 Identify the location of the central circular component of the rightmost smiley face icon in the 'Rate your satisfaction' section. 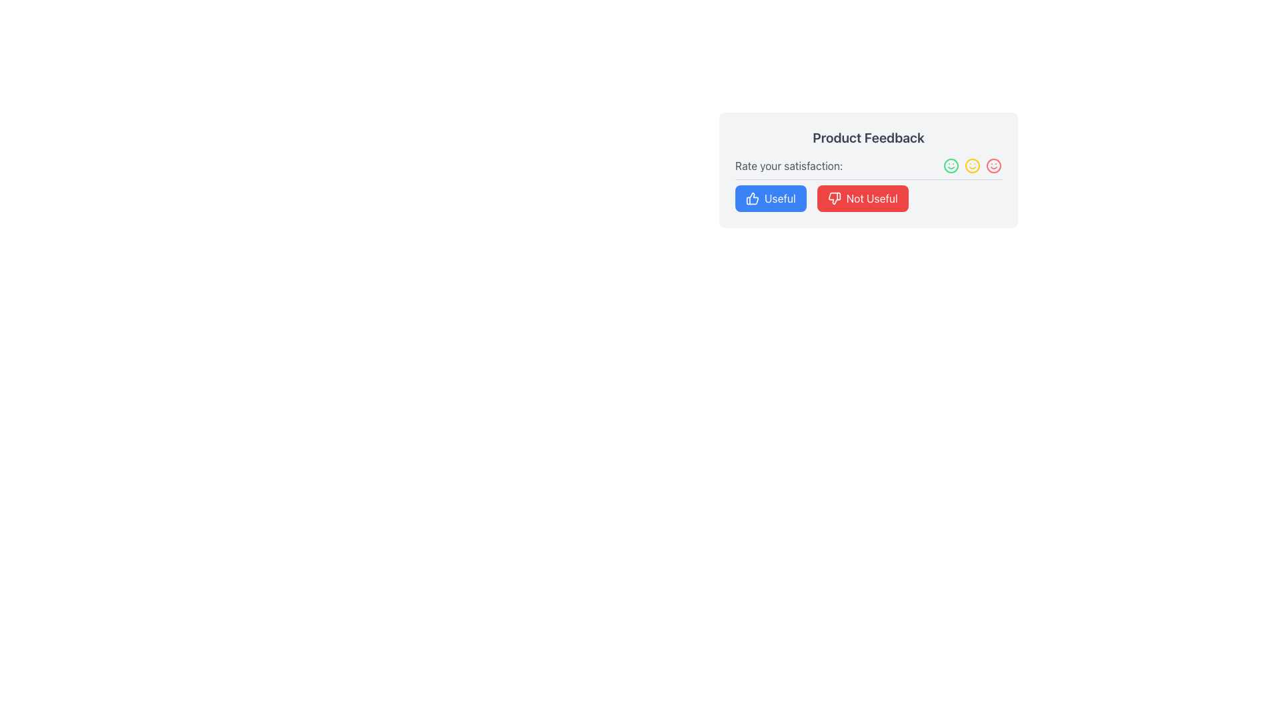
(994, 165).